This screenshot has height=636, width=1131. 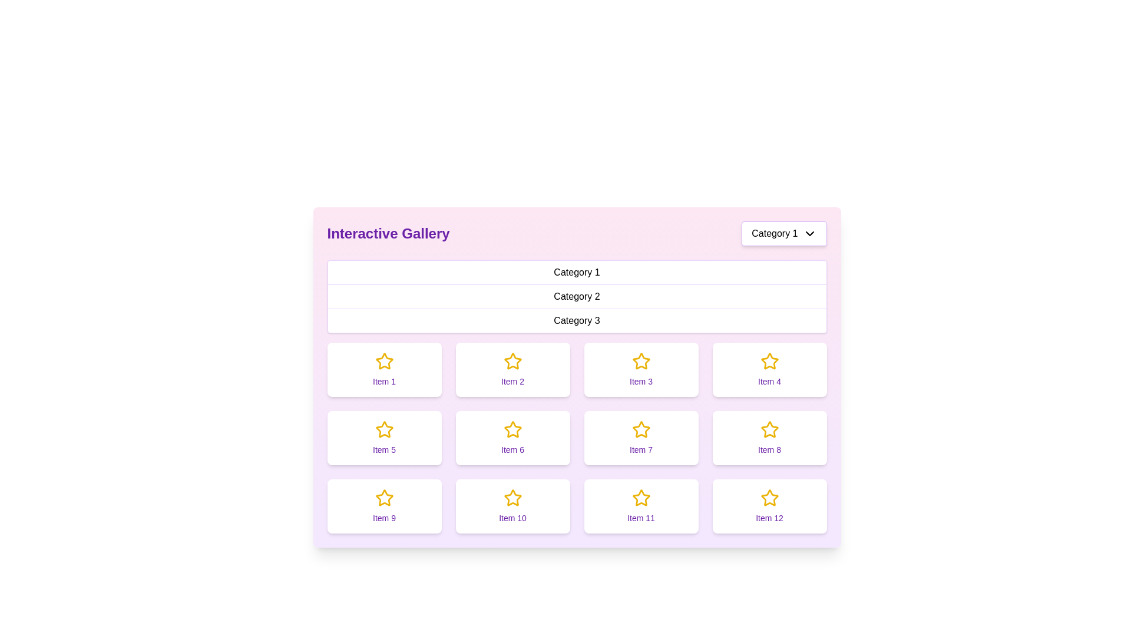 What do you see at coordinates (769, 360) in the screenshot?
I see `the fourth star-shaped icon associated with 'Item 4', located in the second row and fourth column of the grid layout below the 'Category 1' dropdown` at bounding box center [769, 360].